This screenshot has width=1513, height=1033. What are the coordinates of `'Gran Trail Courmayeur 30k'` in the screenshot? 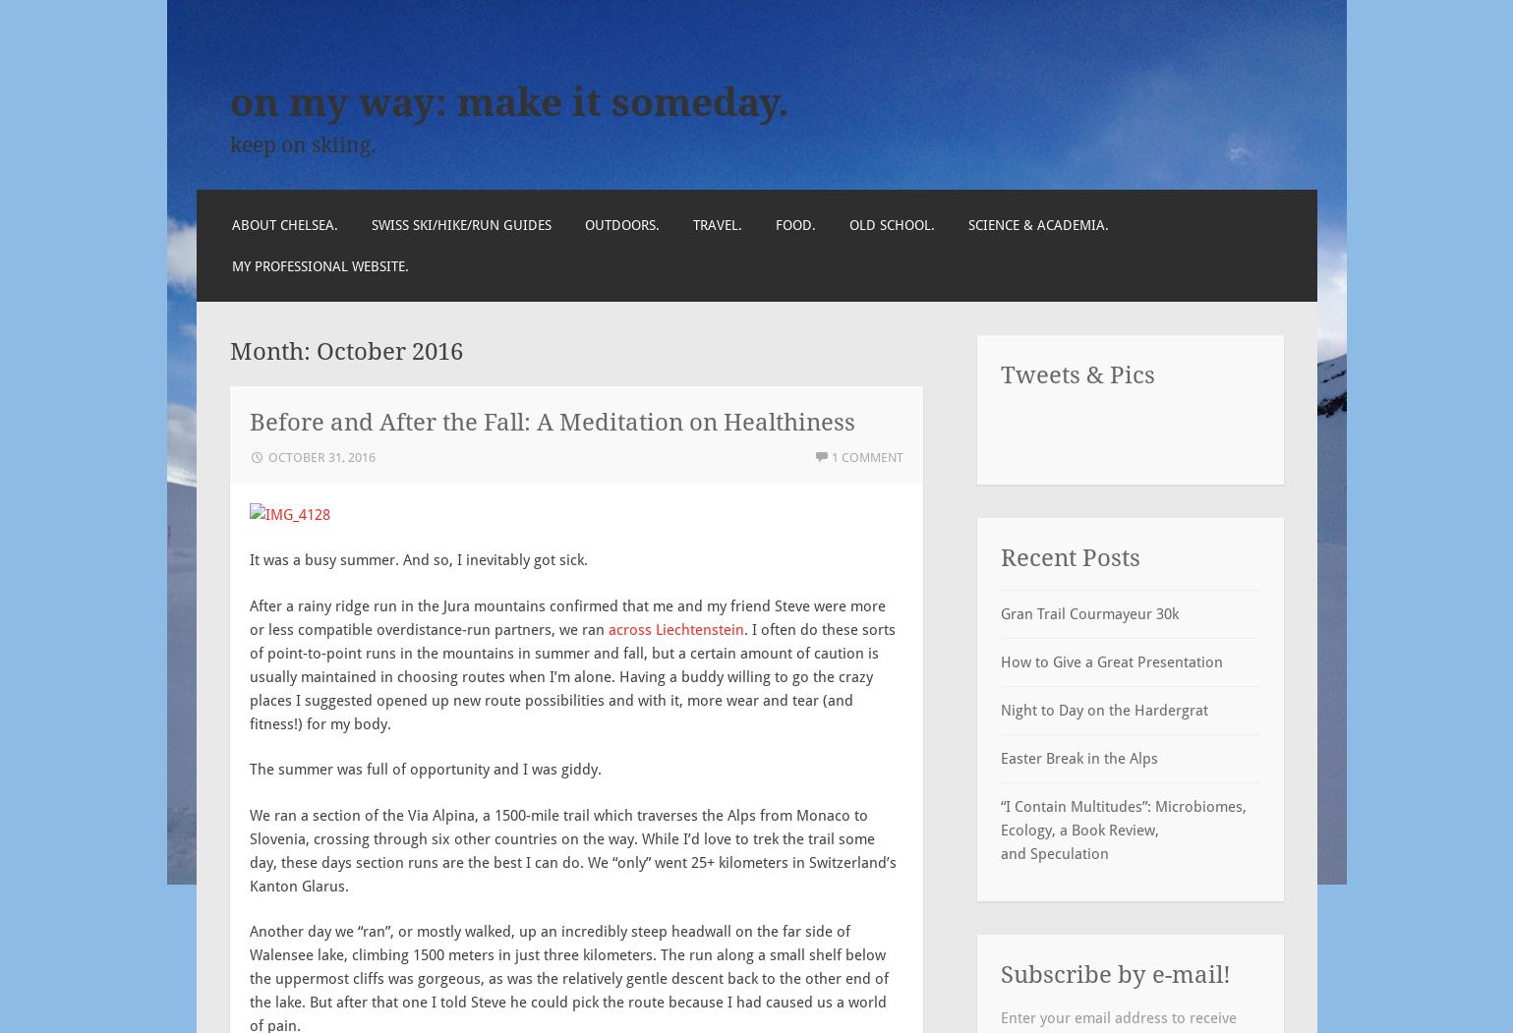 It's located at (1087, 611).